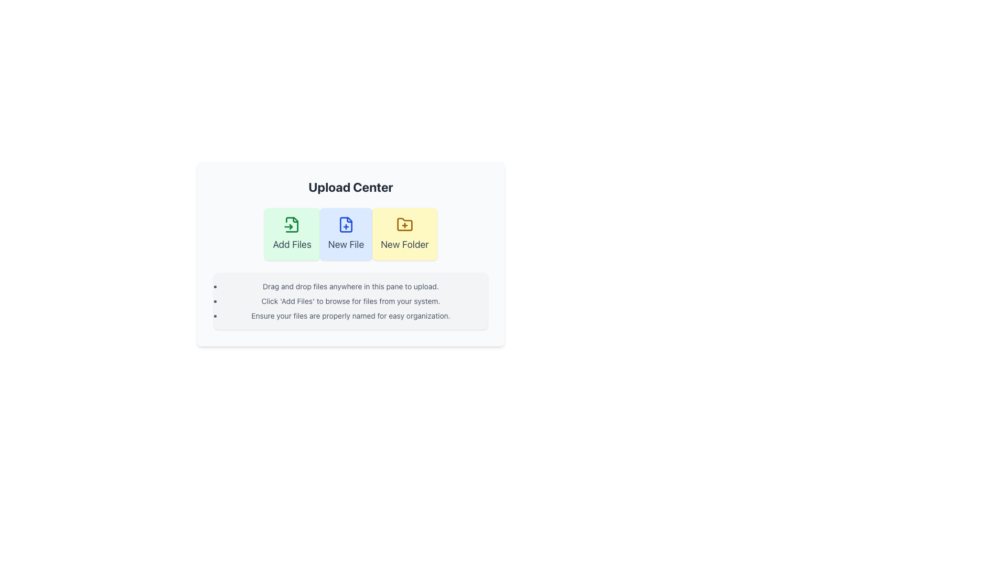 The height and width of the screenshot is (566, 1007). I want to click on the new folder icon located under the 'Upload Center' header, so click(404, 224).